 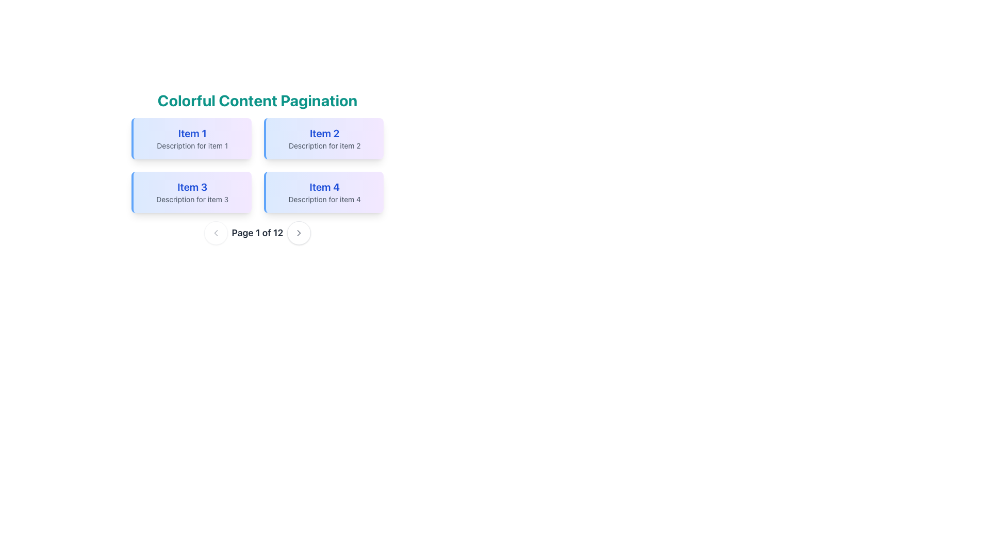 I want to click on the text label displaying 'Item 1' which is styled with a large, bold font in vivid blue, located in the top-left corner of a grid of four elements within a card-like component, so click(x=192, y=133).